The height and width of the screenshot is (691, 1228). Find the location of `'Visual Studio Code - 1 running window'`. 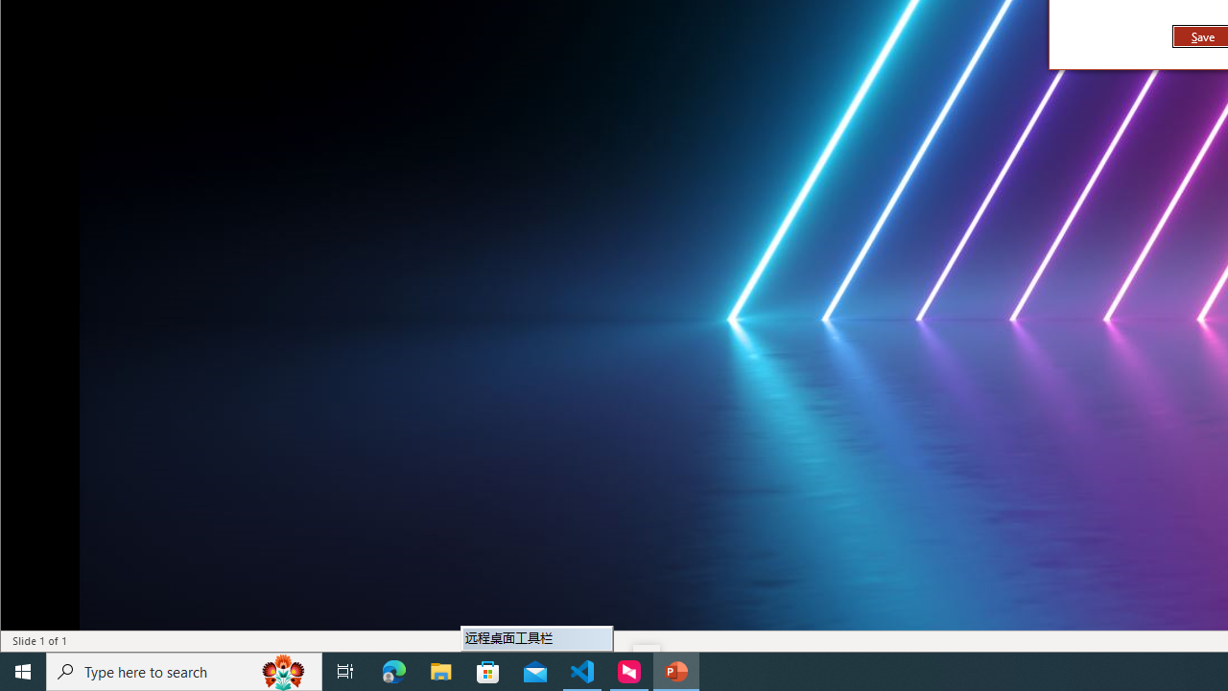

'Visual Studio Code - 1 running window' is located at coordinates (581, 670).